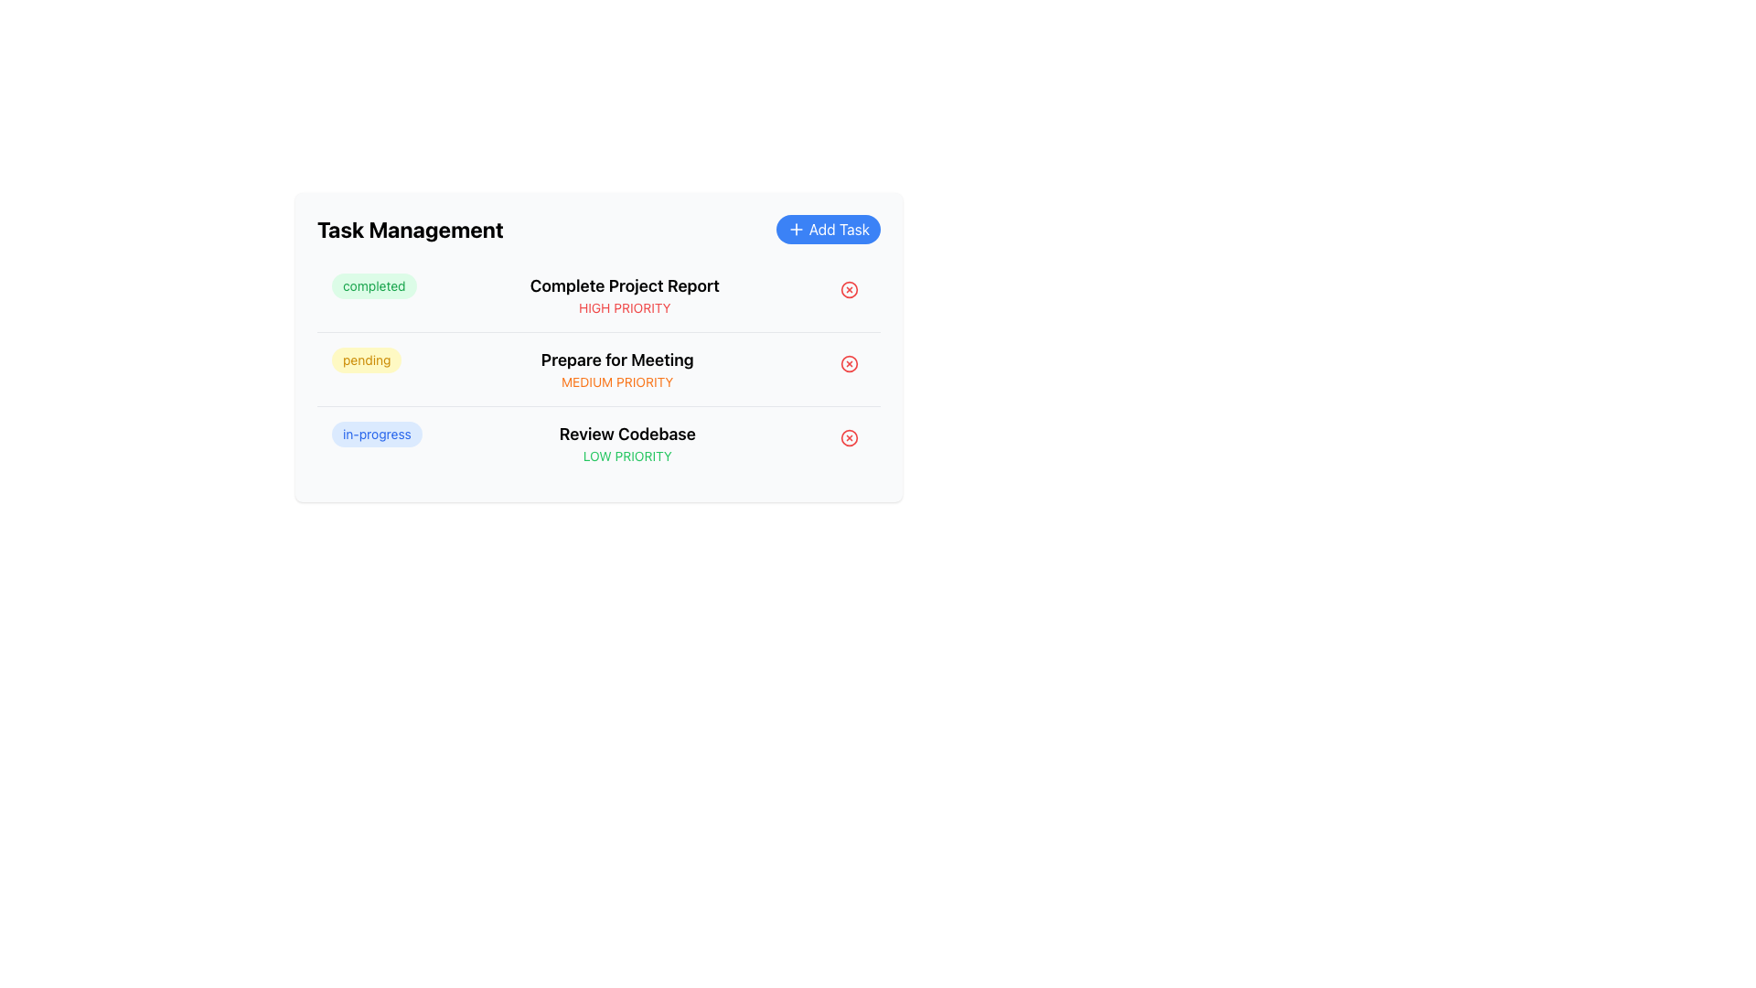 Image resolution: width=1756 pixels, height=988 pixels. Describe the element at coordinates (849, 288) in the screenshot. I see `the delete icon button positioned to the right of the 'Complete Project Report' task in the 'Task Management' section` at that location.